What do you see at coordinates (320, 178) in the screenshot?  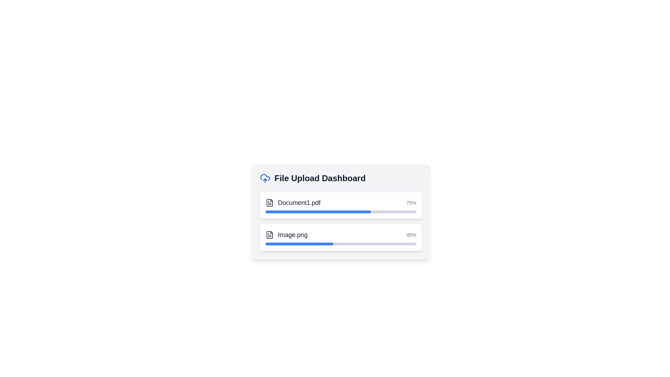 I see `the heading 'File Upload Dashboard', which is a bold and large text label positioned to the right of a cloud upload icon and above a list of file progress bars` at bounding box center [320, 178].